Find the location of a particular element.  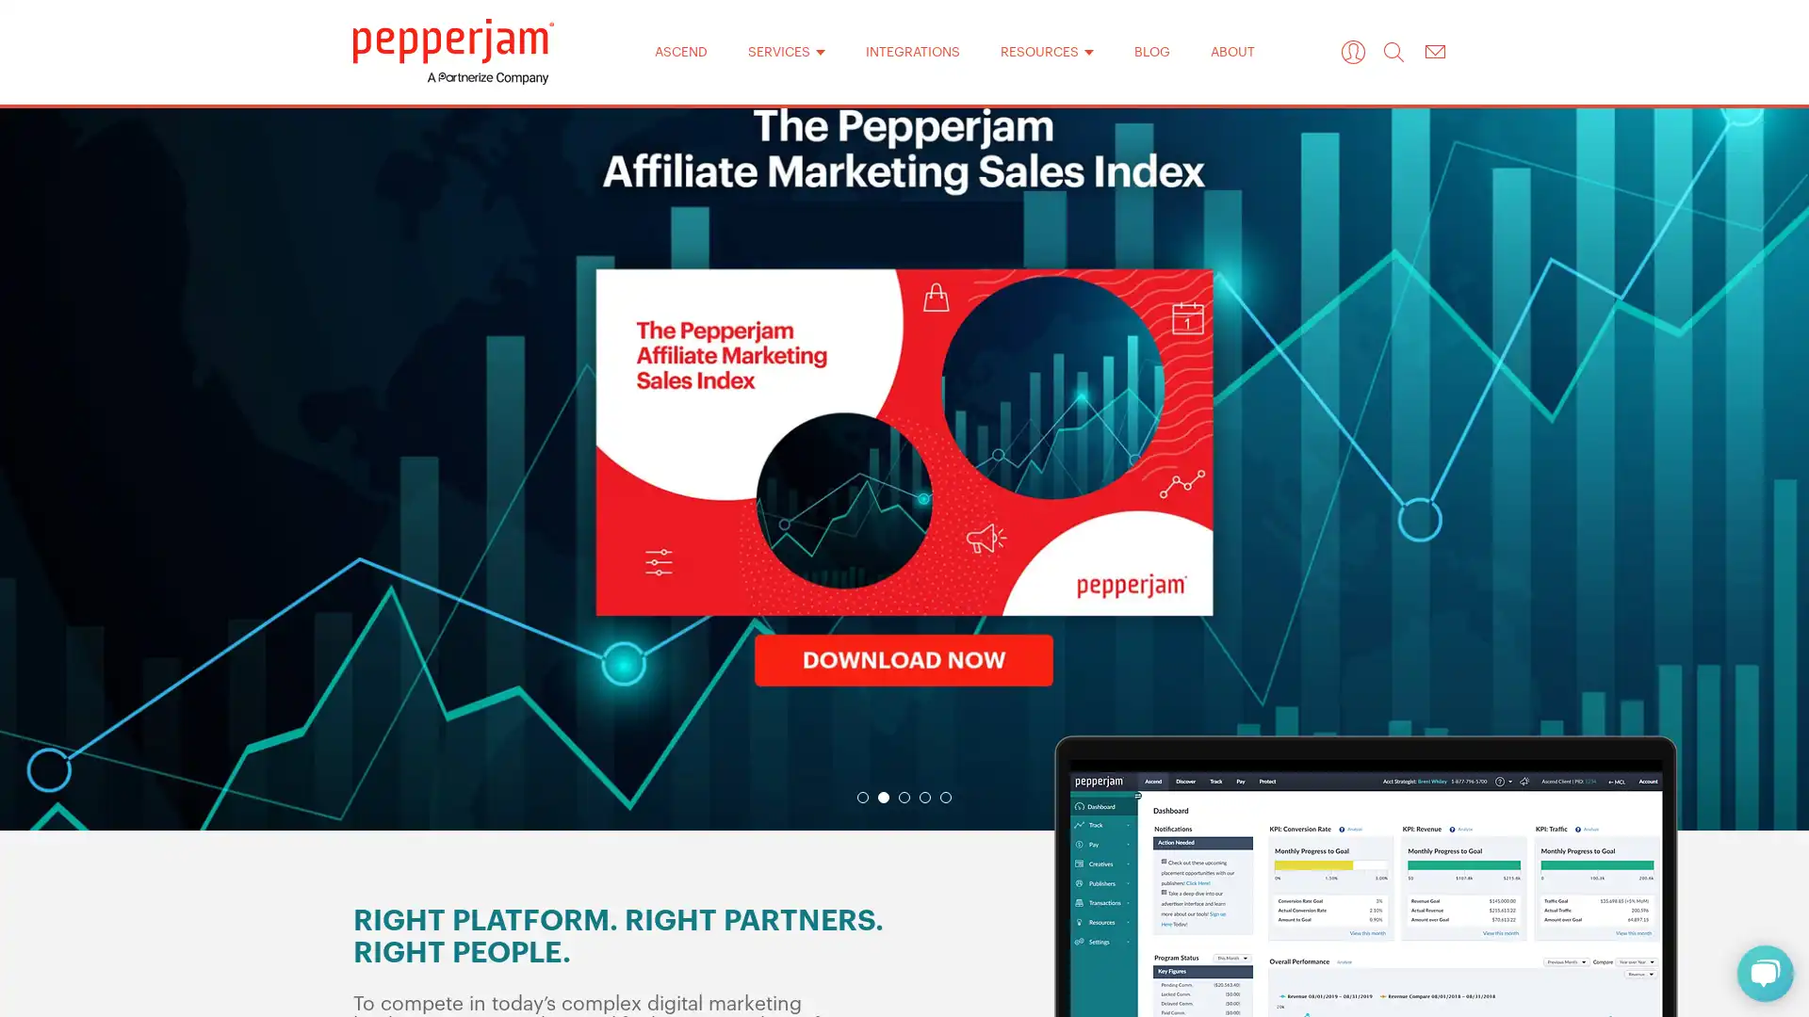

Close is located at coordinates (1148, 206).